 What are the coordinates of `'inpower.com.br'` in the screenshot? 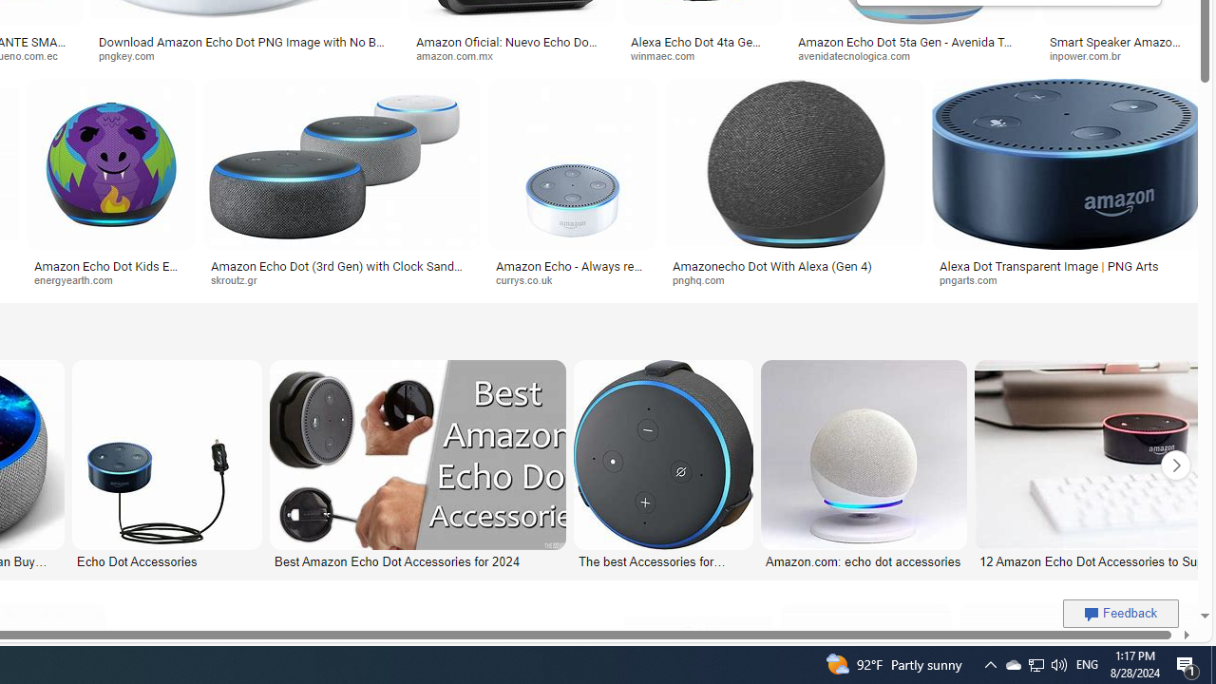 It's located at (1122, 55).